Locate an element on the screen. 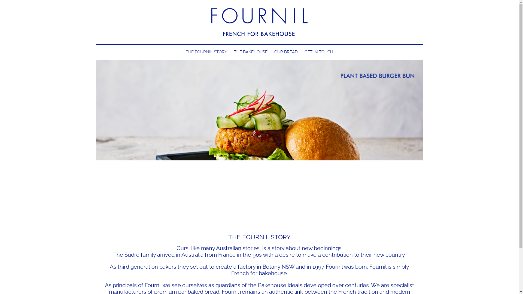 The height and width of the screenshot is (294, 523). 'THE FOURNIL STORY' is located at coordinates (206, 52).